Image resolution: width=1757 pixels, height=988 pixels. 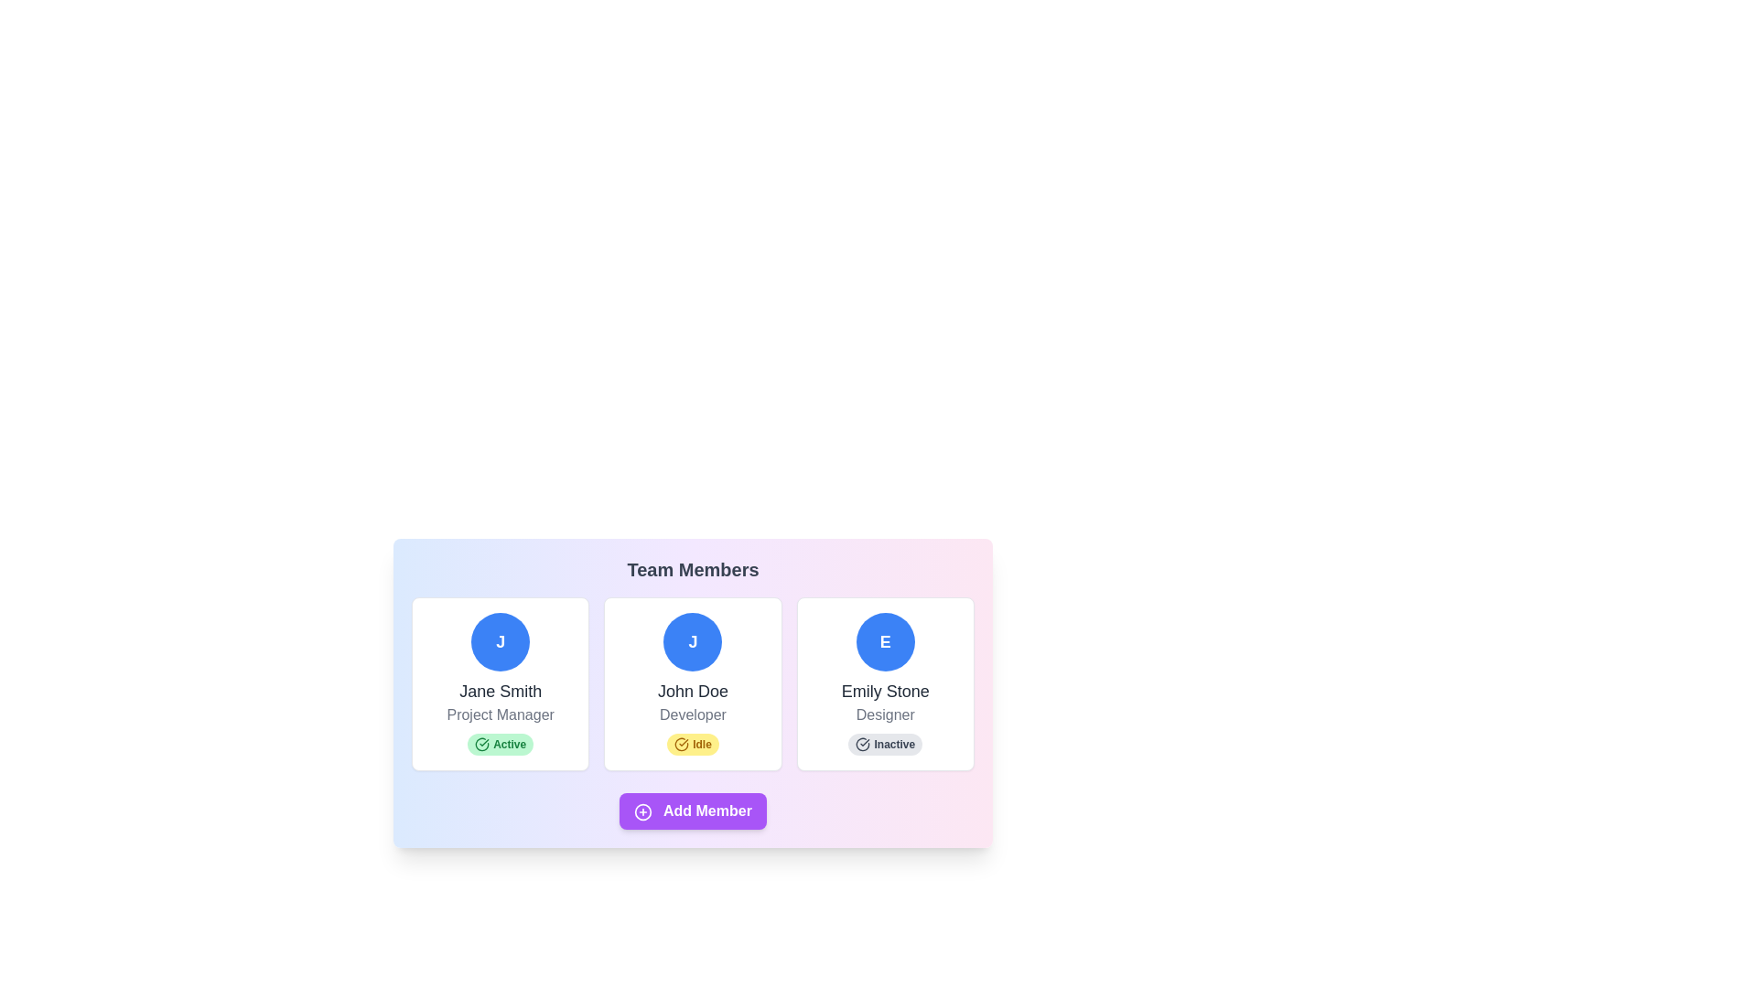 What do you see at coordinates (681, 744) in the screenshot?
I see `the circular icon with a checkmark inside, part of the 'Idle' status badge in the second team member card located in the 'Team Members' section` at bounding box center [681, 744].